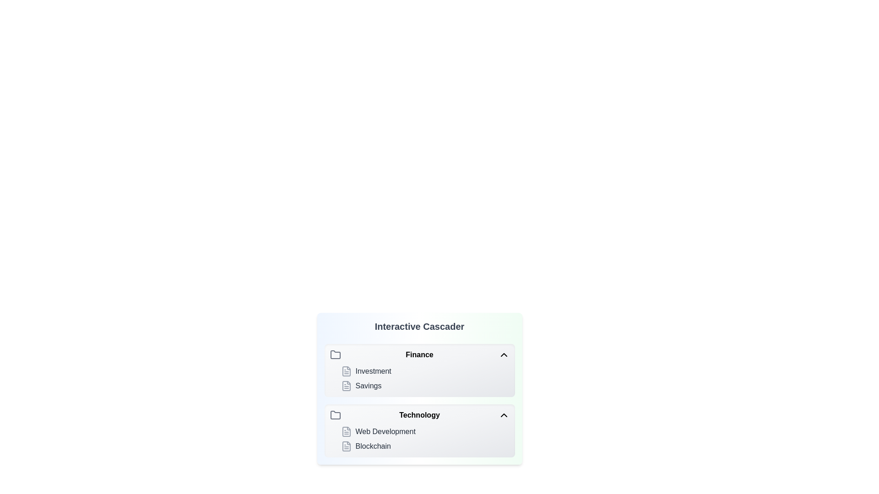 This screenshot has height=494, width=879. I want to click on the 'Technology' collapsible header, which features a folder icon and a chevron icon, so click(419, 415).